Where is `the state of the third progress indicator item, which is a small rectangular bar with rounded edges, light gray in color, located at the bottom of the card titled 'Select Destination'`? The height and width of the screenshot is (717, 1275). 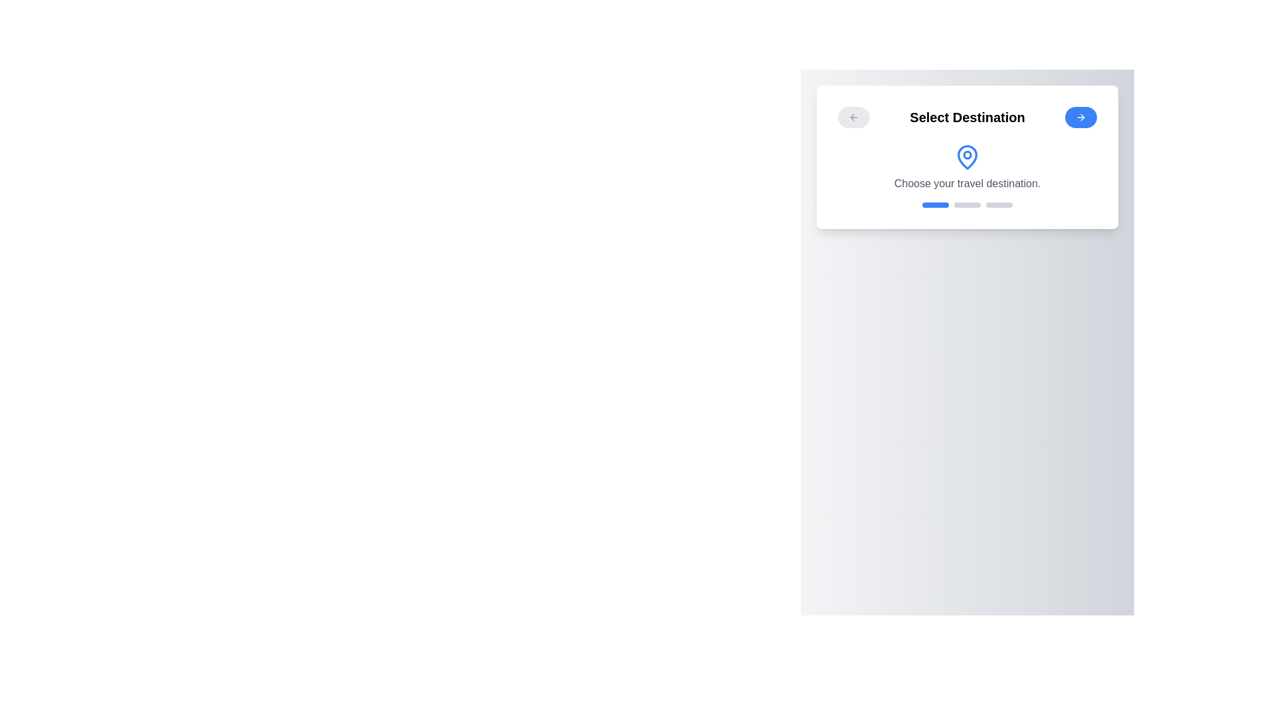 the state of the third progress indicator item, which is a small rectangular bar with rounded edges, light gray in color, located at the bottom of the card titled 'Select Destination' is located at coordinates (999, 204).